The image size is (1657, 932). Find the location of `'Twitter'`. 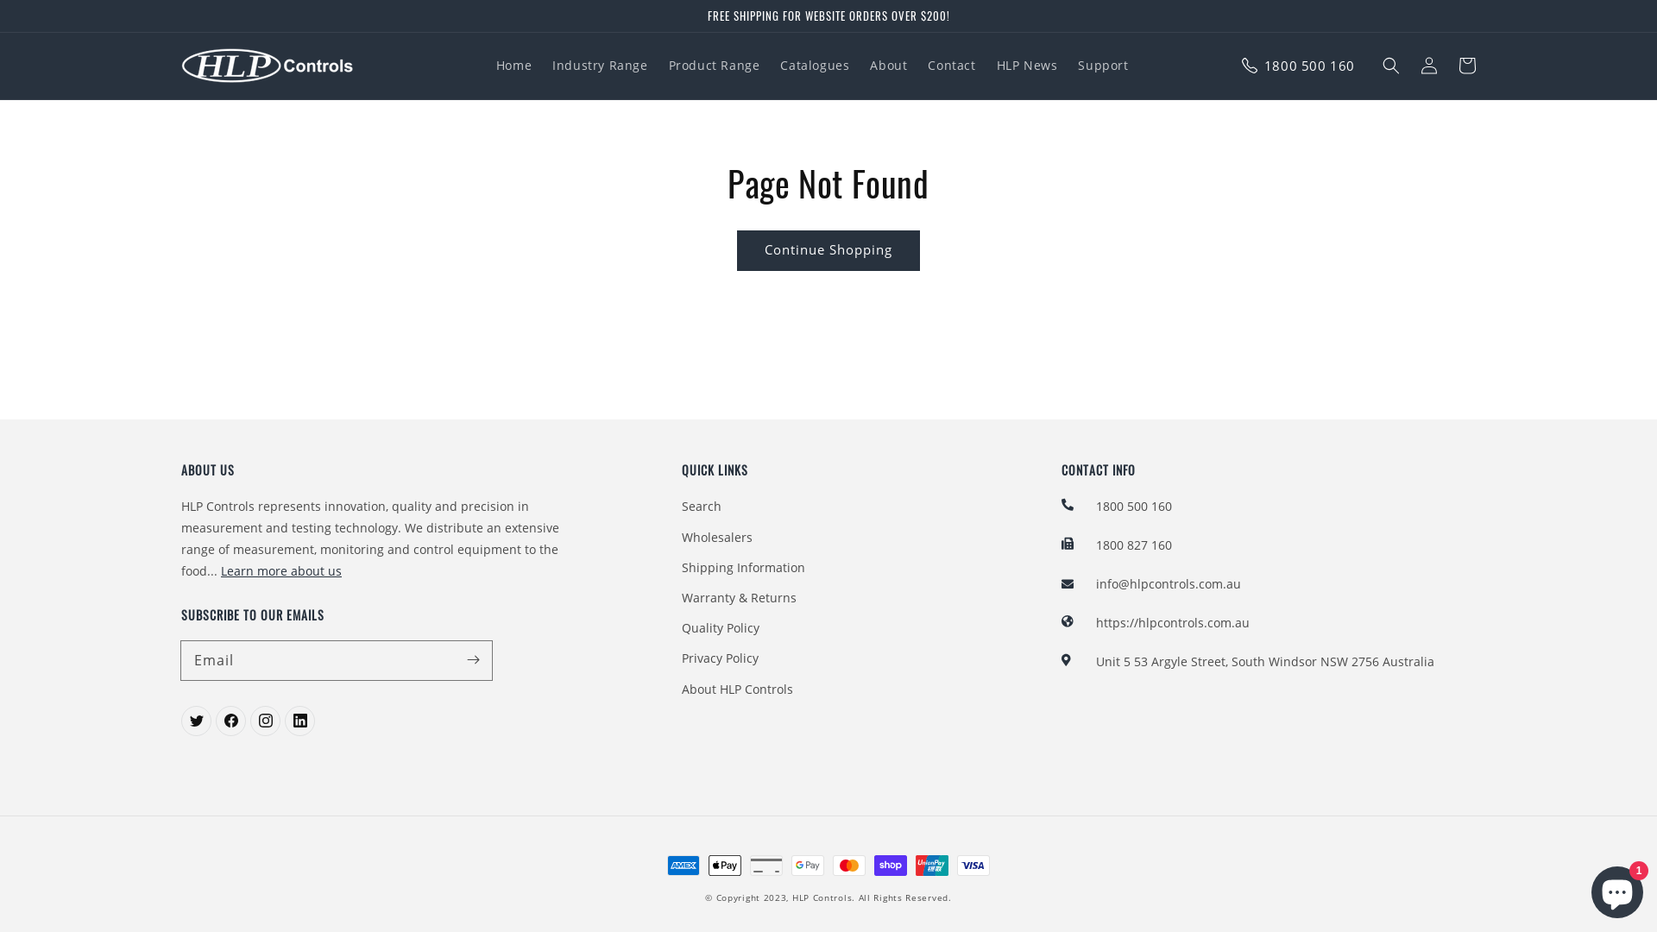

'Twitter' is located at coordinates (196, 721).